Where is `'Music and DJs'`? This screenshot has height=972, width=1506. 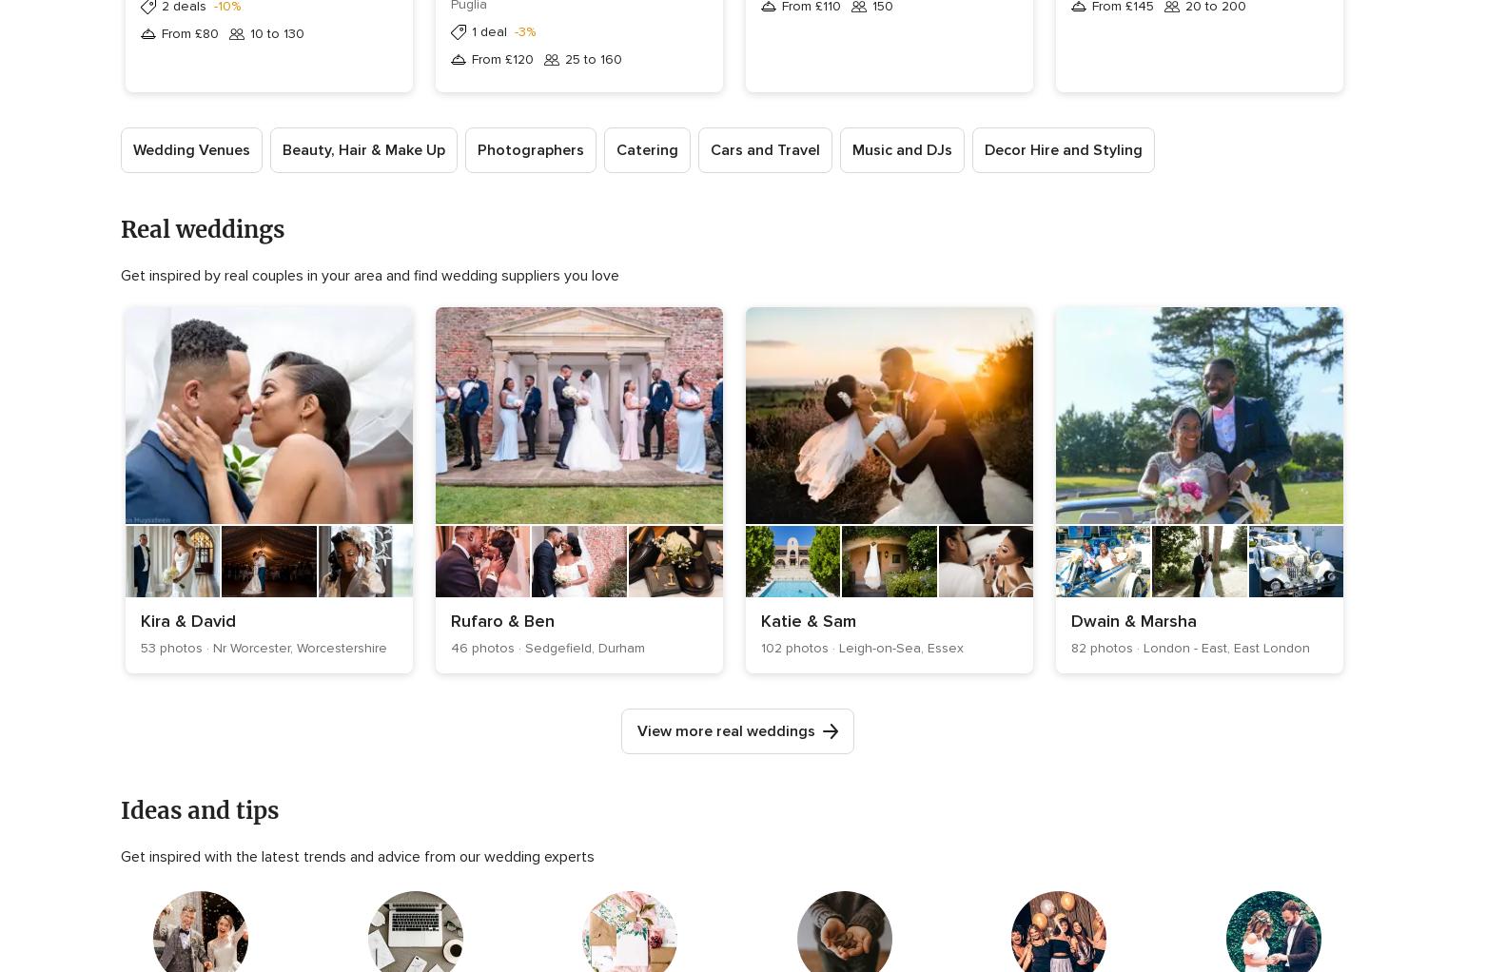
'Music and DJs' is located at coordinates (851, 149).